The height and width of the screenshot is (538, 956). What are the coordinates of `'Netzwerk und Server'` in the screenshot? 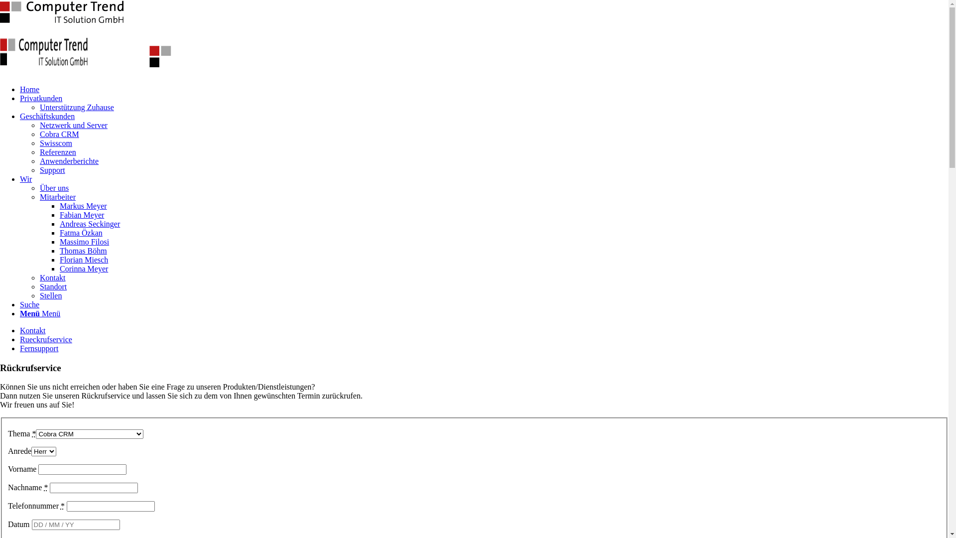 It's located at (73, 125).